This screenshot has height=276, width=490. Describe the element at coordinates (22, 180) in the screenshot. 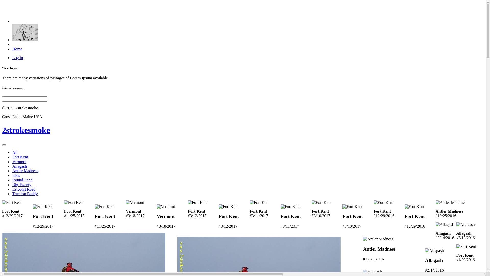

I see `'Round Pond'` at that location.